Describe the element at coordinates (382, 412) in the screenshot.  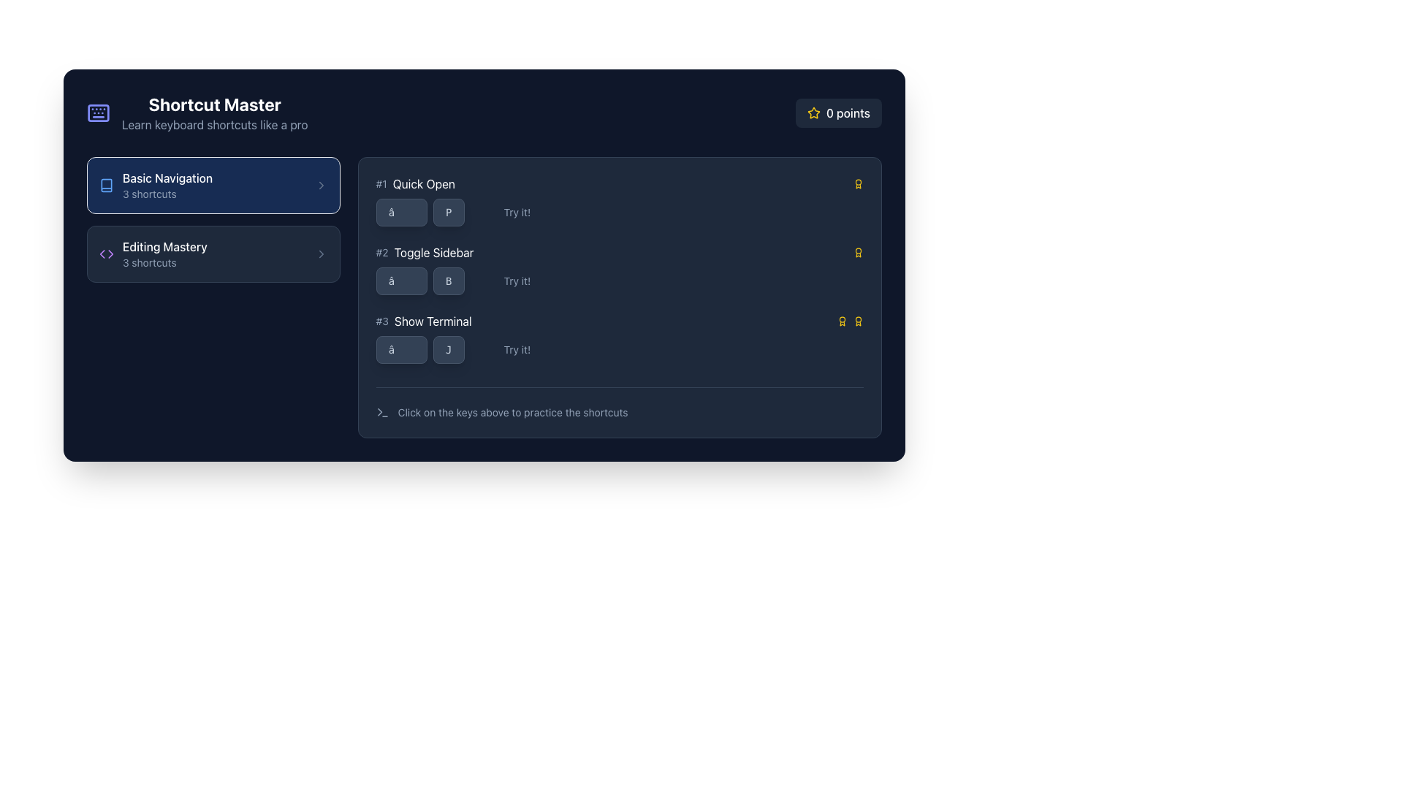
I see `the terminal icon located in the bottom section of the right panel, just before the text 'Click on the keys above to practice the shortcuts'` at that location.